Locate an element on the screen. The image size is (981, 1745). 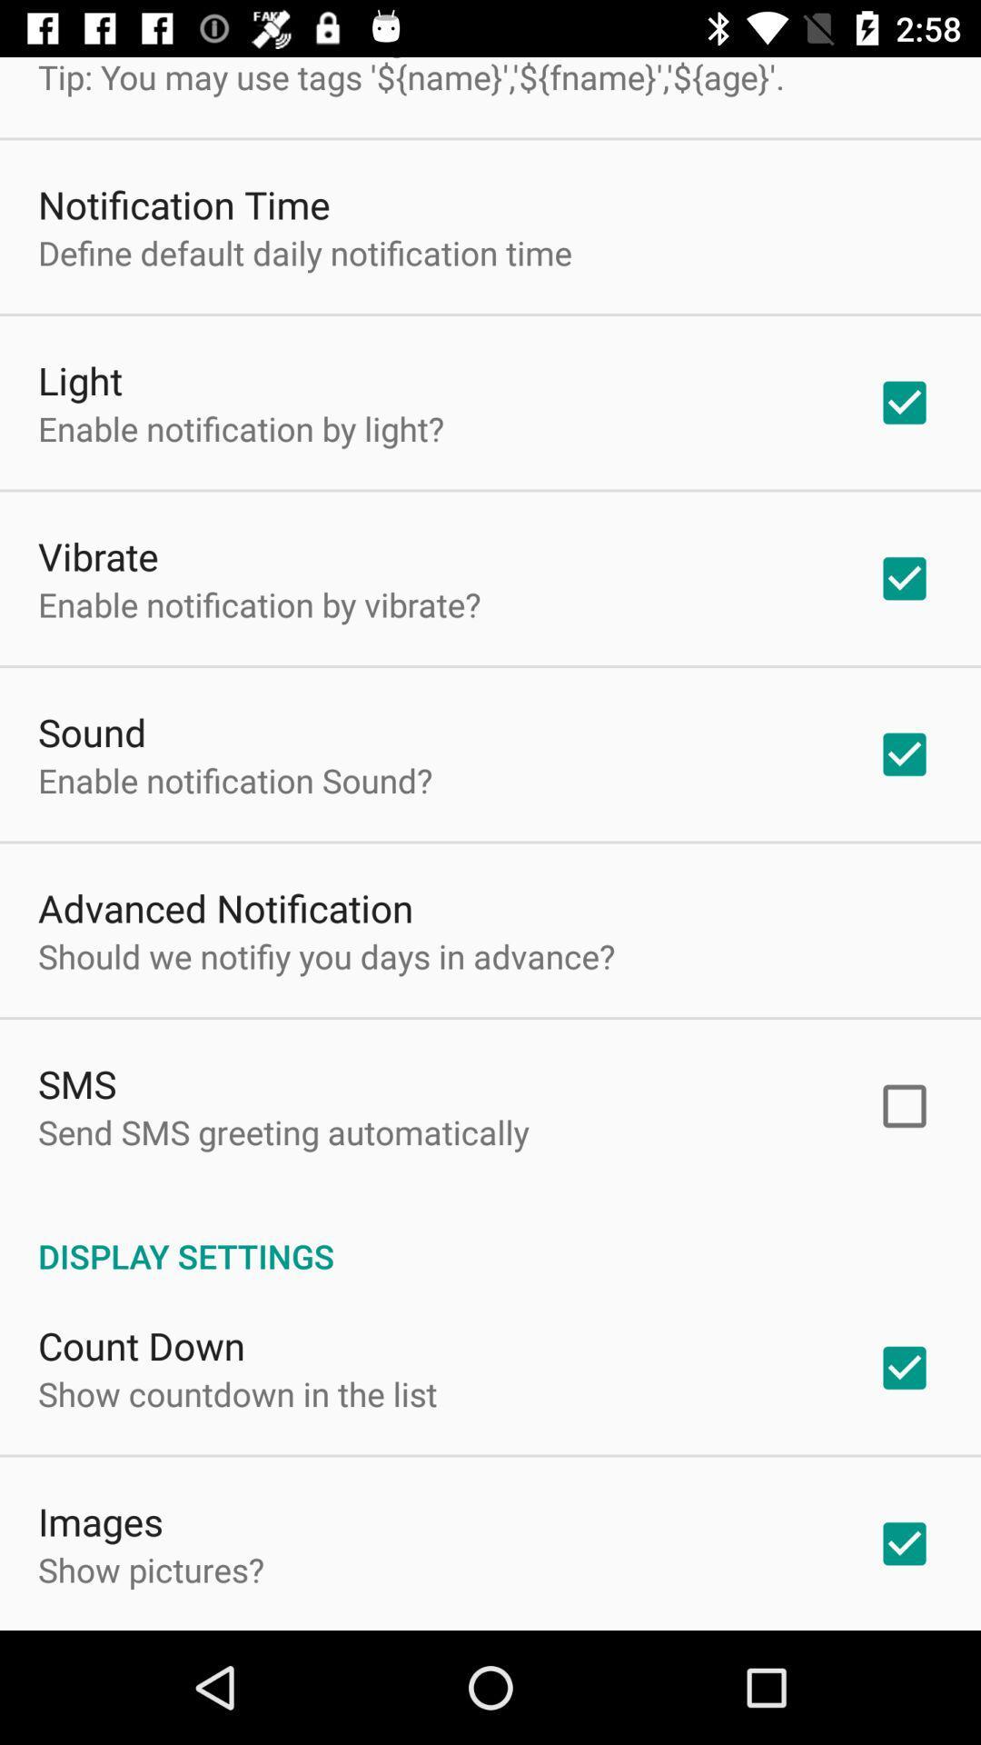
define default daily is located at coordinates (303, 252).